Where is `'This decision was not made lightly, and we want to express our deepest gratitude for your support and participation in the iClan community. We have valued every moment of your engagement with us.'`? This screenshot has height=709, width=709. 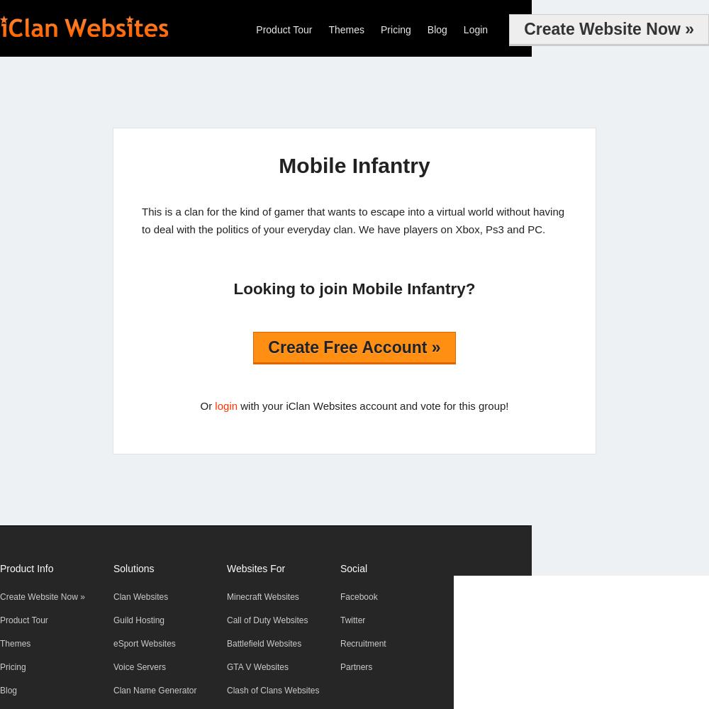 'This decision was not made lightly, and we want to express our deepest gratitude for your support and participation in the iClan community. We have valued every moment of your engagement with us.' is located at coordinates (271, 335).